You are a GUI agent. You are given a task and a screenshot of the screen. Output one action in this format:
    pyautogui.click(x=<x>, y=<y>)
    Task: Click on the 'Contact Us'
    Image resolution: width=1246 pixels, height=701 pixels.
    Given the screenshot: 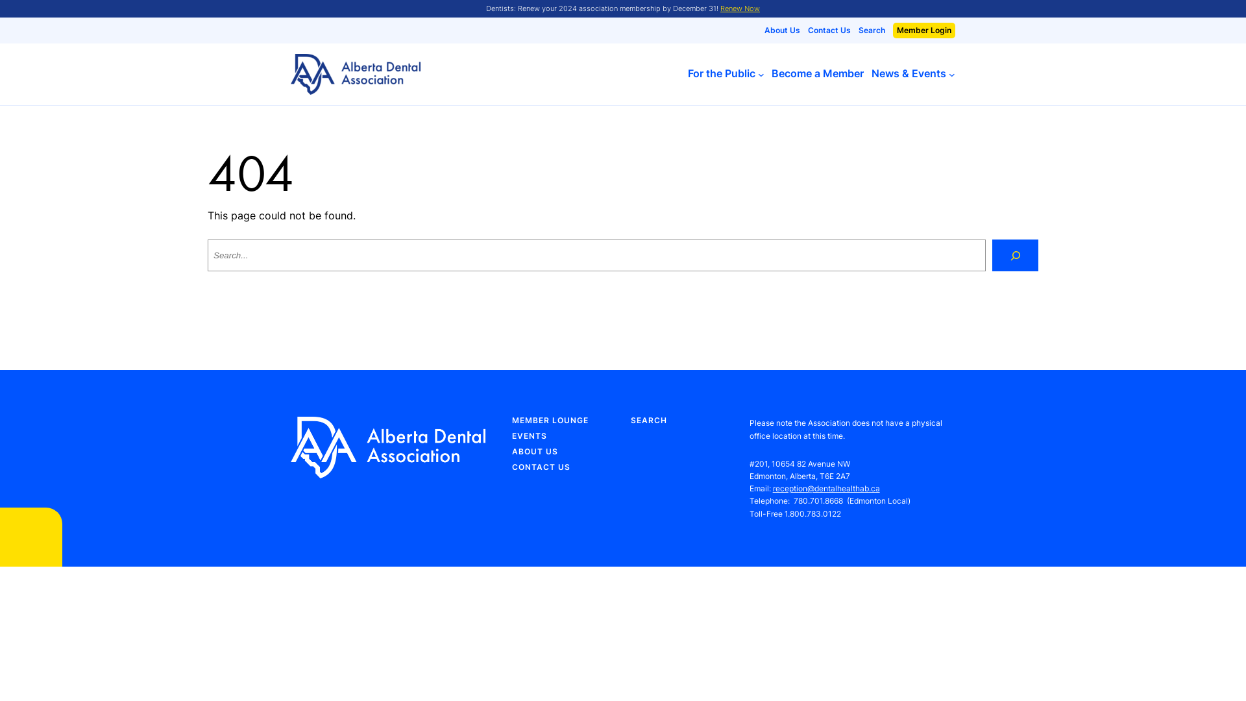 What is the action you would take?
    pyautogui.click(x=828, y=29)
    